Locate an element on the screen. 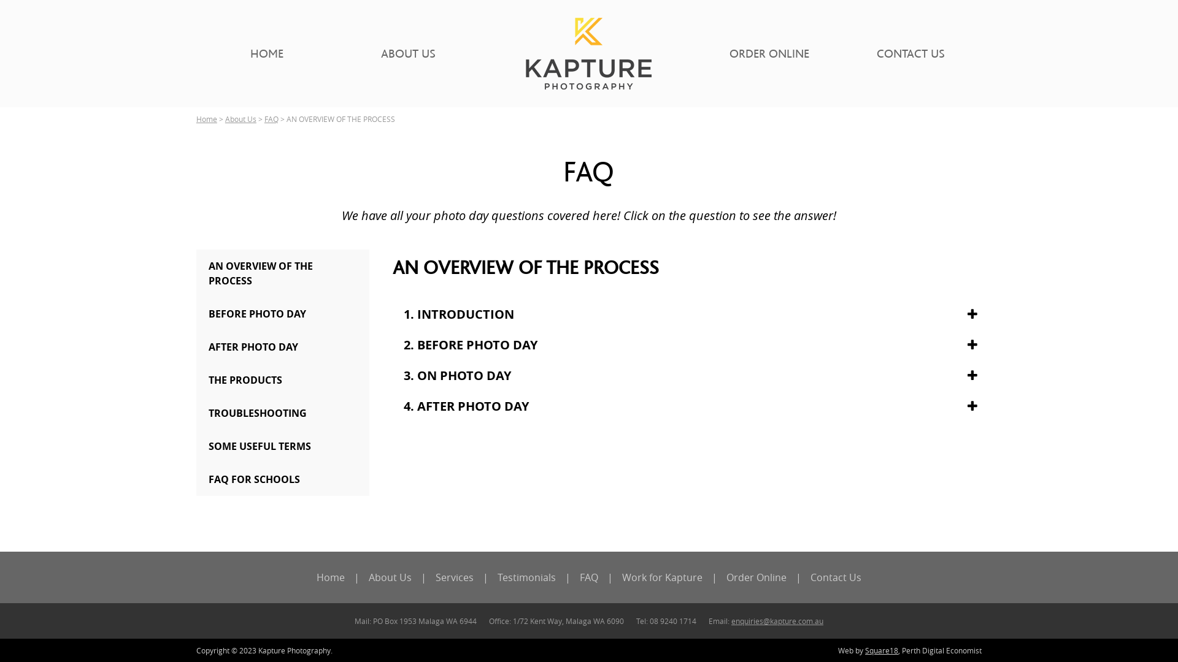 This screenshot has height=662, width=1178. 'enquiries@kapture.com.au' is located at coordinates (777, 621).